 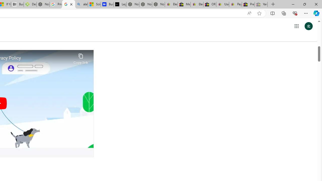 I want to click on 'Payments Terms of Use | eBay.com', so click(x=235, y=4).